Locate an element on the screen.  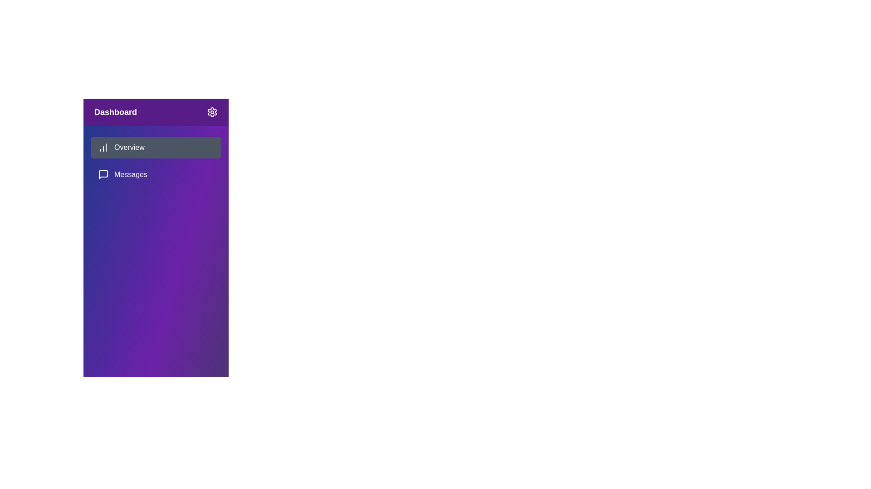
the settings button located in the top-right corner of the sidebar is located at coordinates (211, 111).